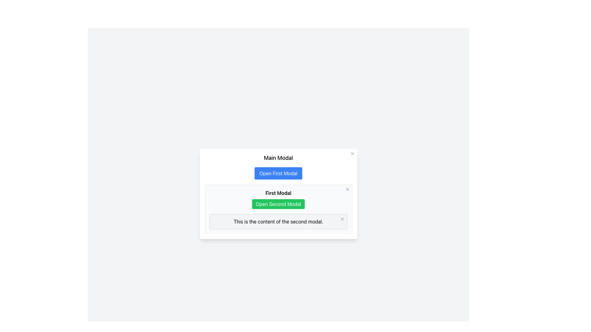 Image resolution: width=591 pixels, height=332 pixels. I want to click on text from the header Text Label located at the top-center of the modal, which indicates its main subject or function, so click(278, 157).